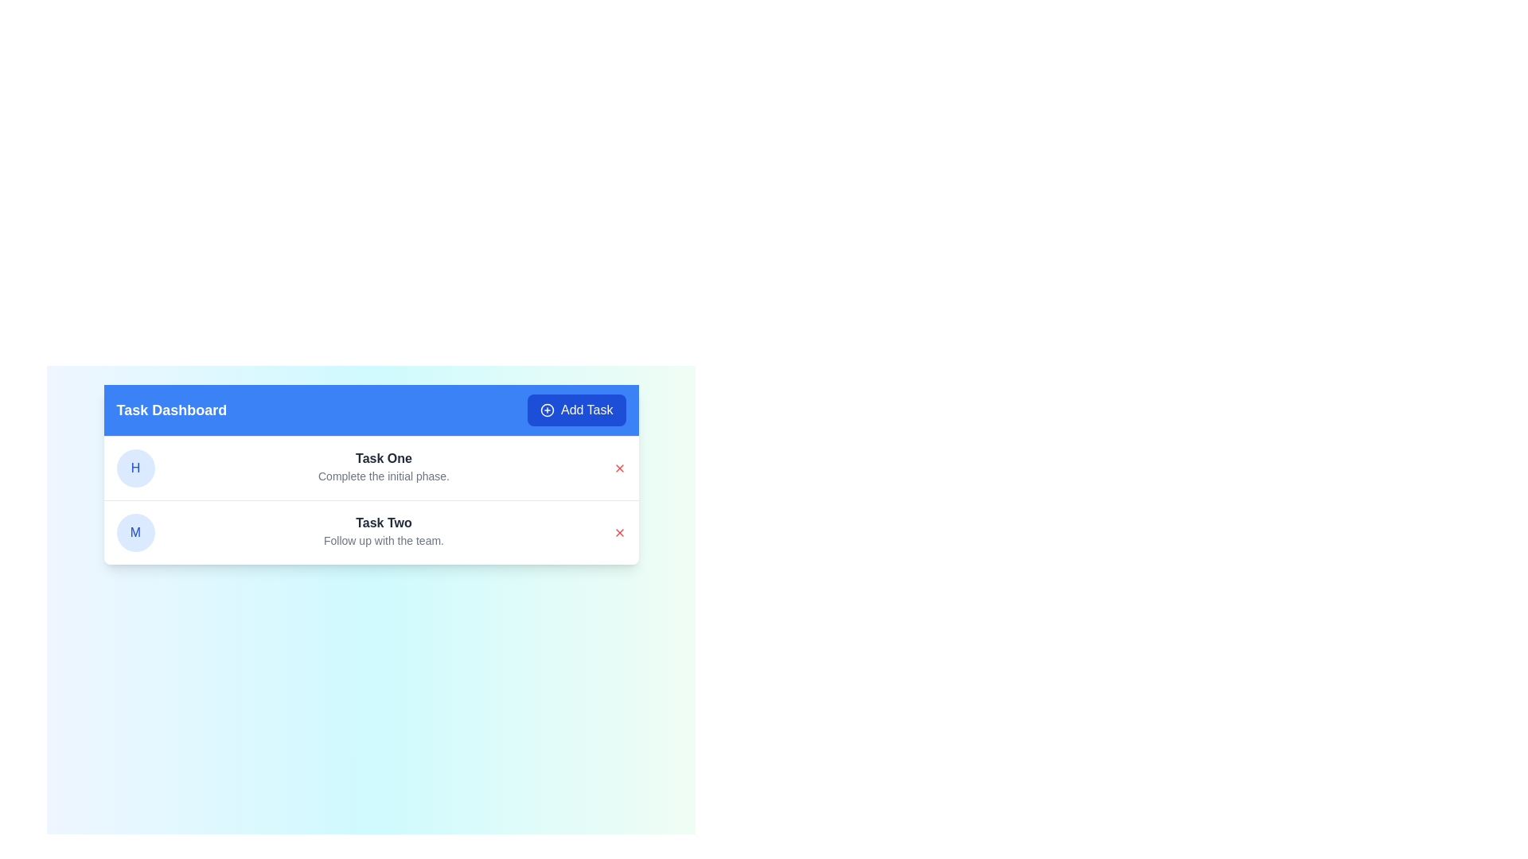 The width and height of the screenshot is (1528, 859). What do you see at coordinates (370, 468) in the screenshot?
I see `the task item labeled 'Task One' with the description 'Complete the initial phase.' which includes a circular icon with 'H' and a small red 'X' for removal, positioned above 'Task Two' in the task list` at bounding box center [370, 468].